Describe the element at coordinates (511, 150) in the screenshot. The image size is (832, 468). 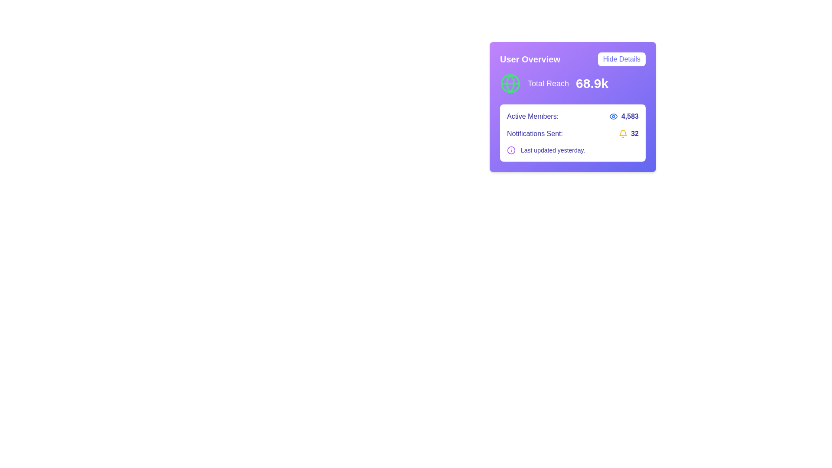
I see `the circular element with a purple border that forms part of the informational icon located in the top-right corner of the 'User Overview' card` at that location.